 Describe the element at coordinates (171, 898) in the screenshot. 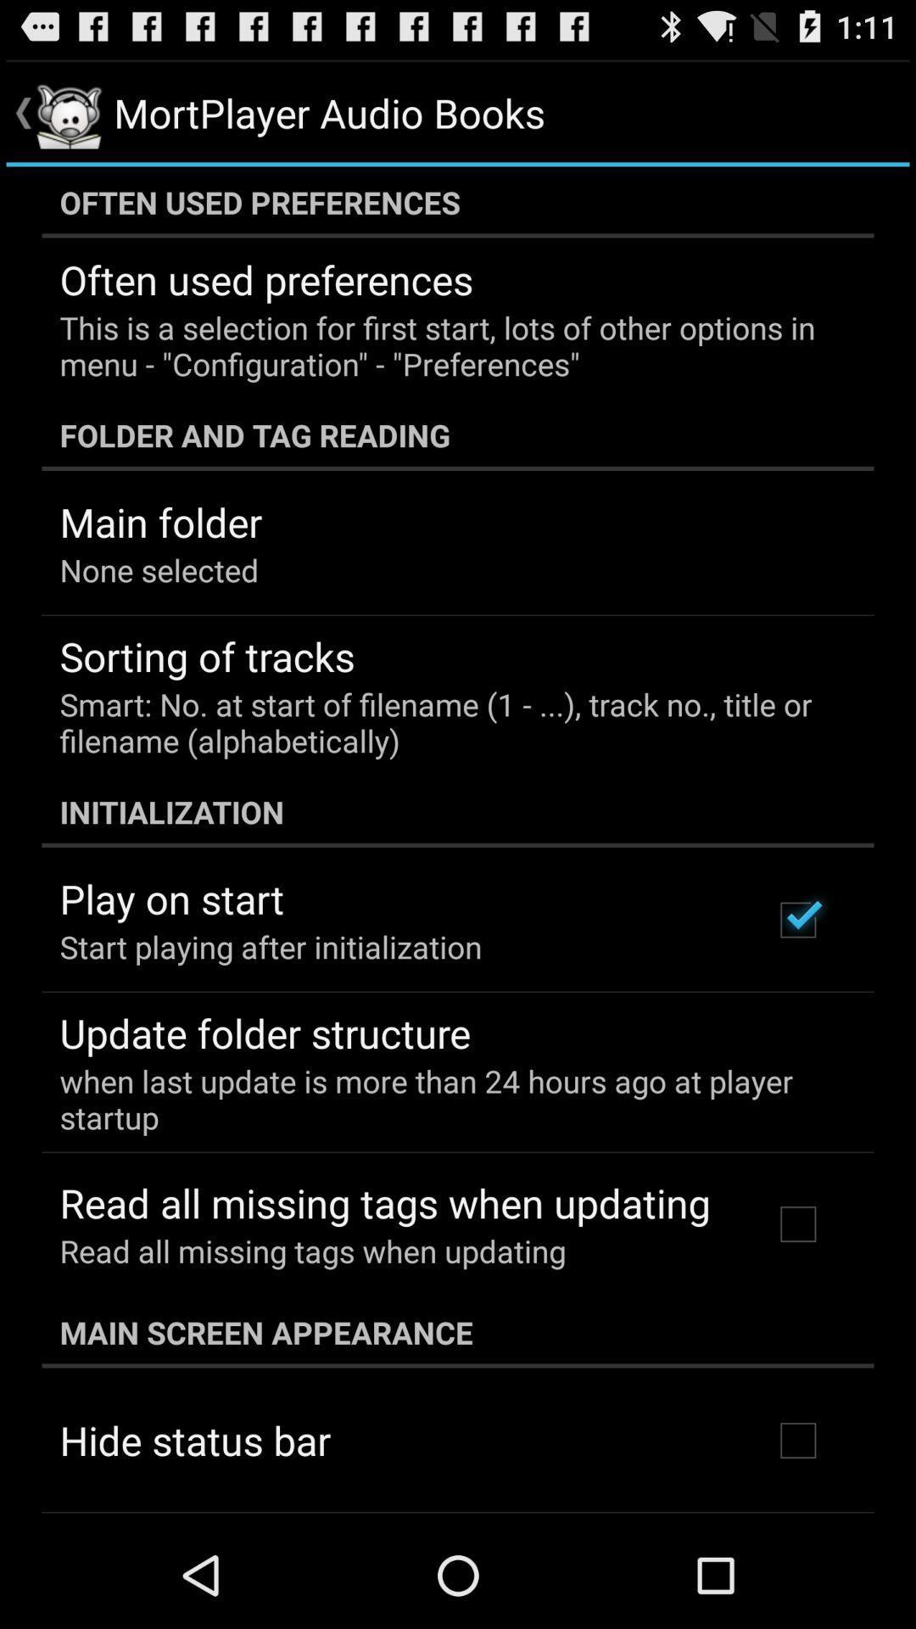

I see `the app below initialization app` at that location.